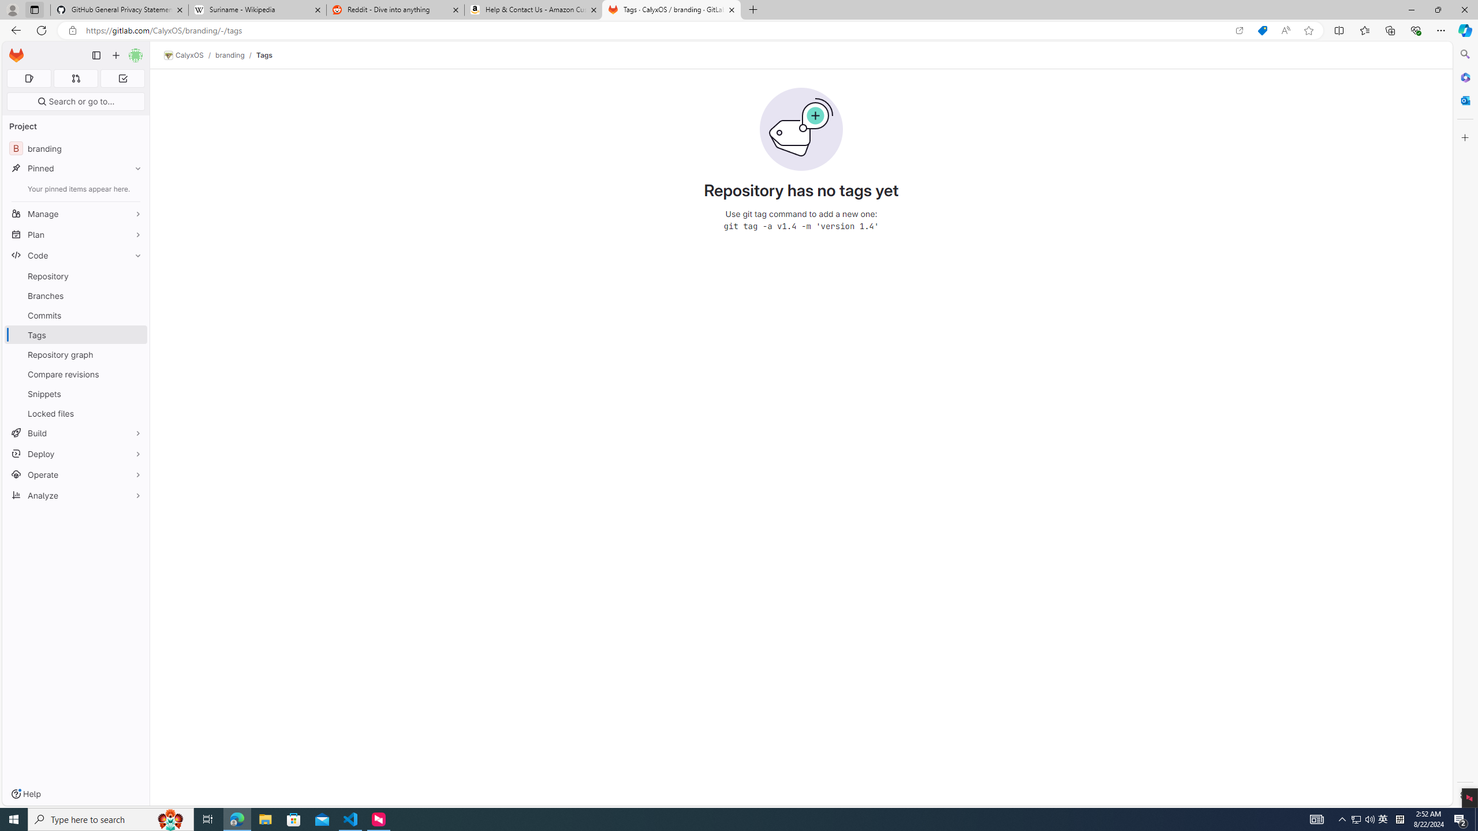  What do you see at coordinates (75, 315) in the screenshot?
I see `'Commits'` at bounding box center [75, 315].